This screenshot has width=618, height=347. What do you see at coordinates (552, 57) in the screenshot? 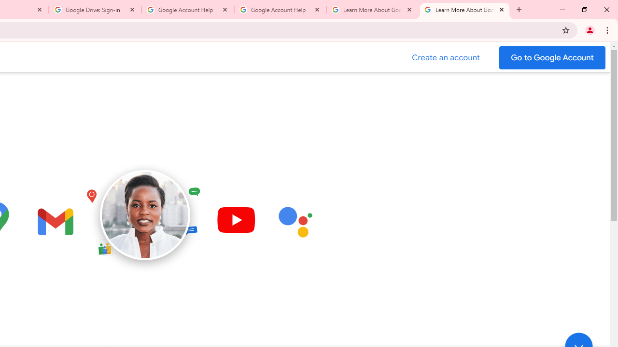
I see `'Go to your Google Account'` at bounding box center [552, 57].